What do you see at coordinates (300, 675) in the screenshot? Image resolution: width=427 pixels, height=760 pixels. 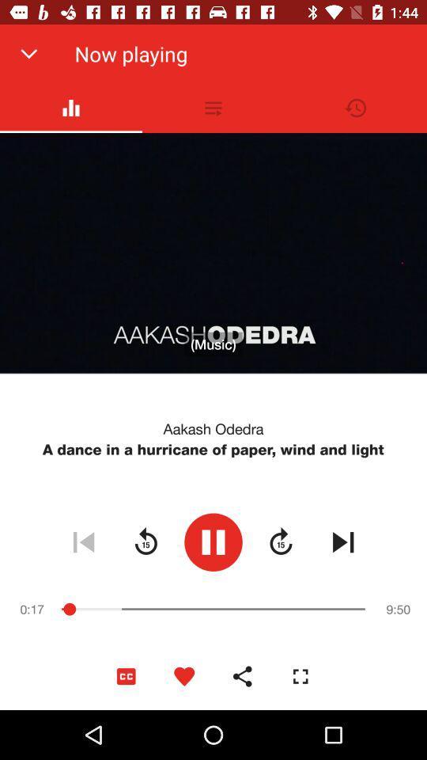 I see `the fullscreen icon` at bounding box center [300, 675].